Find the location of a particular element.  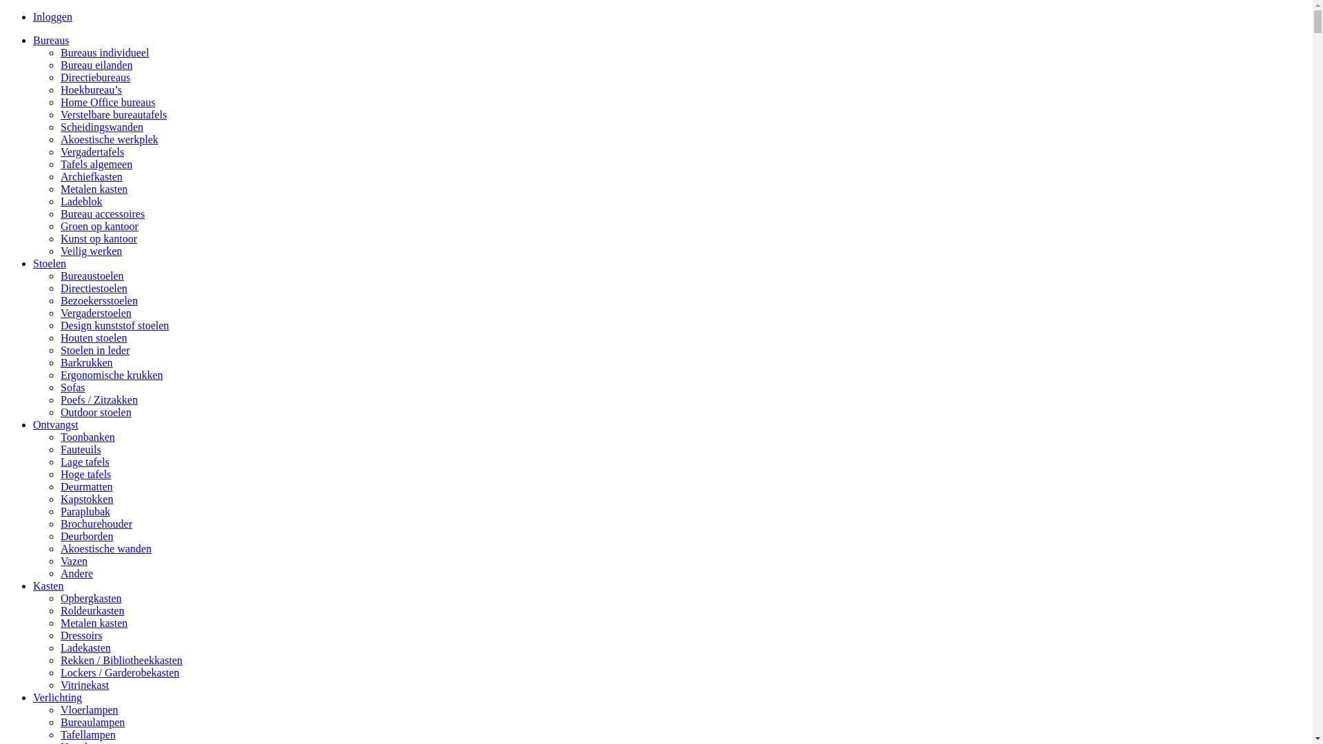

'Lockers / Garderobekasten' is located at coordinates (119, 672).